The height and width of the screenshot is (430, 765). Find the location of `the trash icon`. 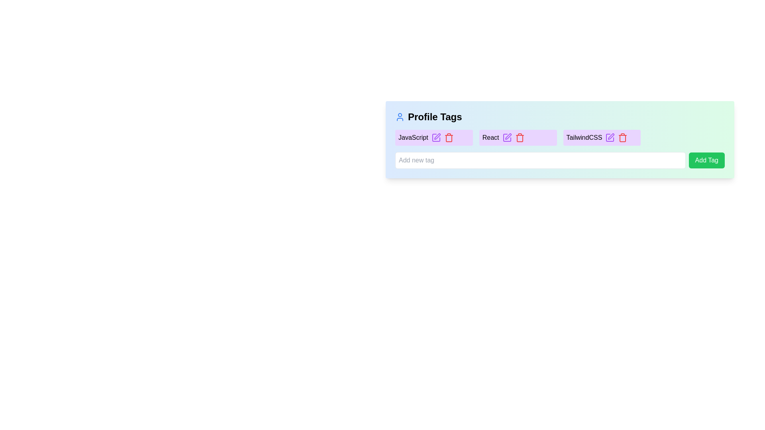

the trash icon is located at coordinates (449, 138).